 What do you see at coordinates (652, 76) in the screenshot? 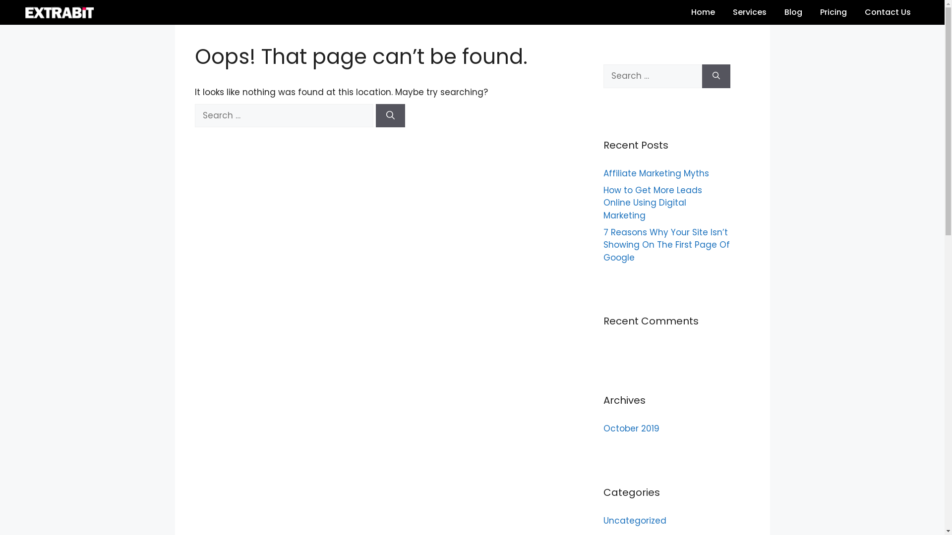
I see `'Search for:'` at bounding box center [652, 76].